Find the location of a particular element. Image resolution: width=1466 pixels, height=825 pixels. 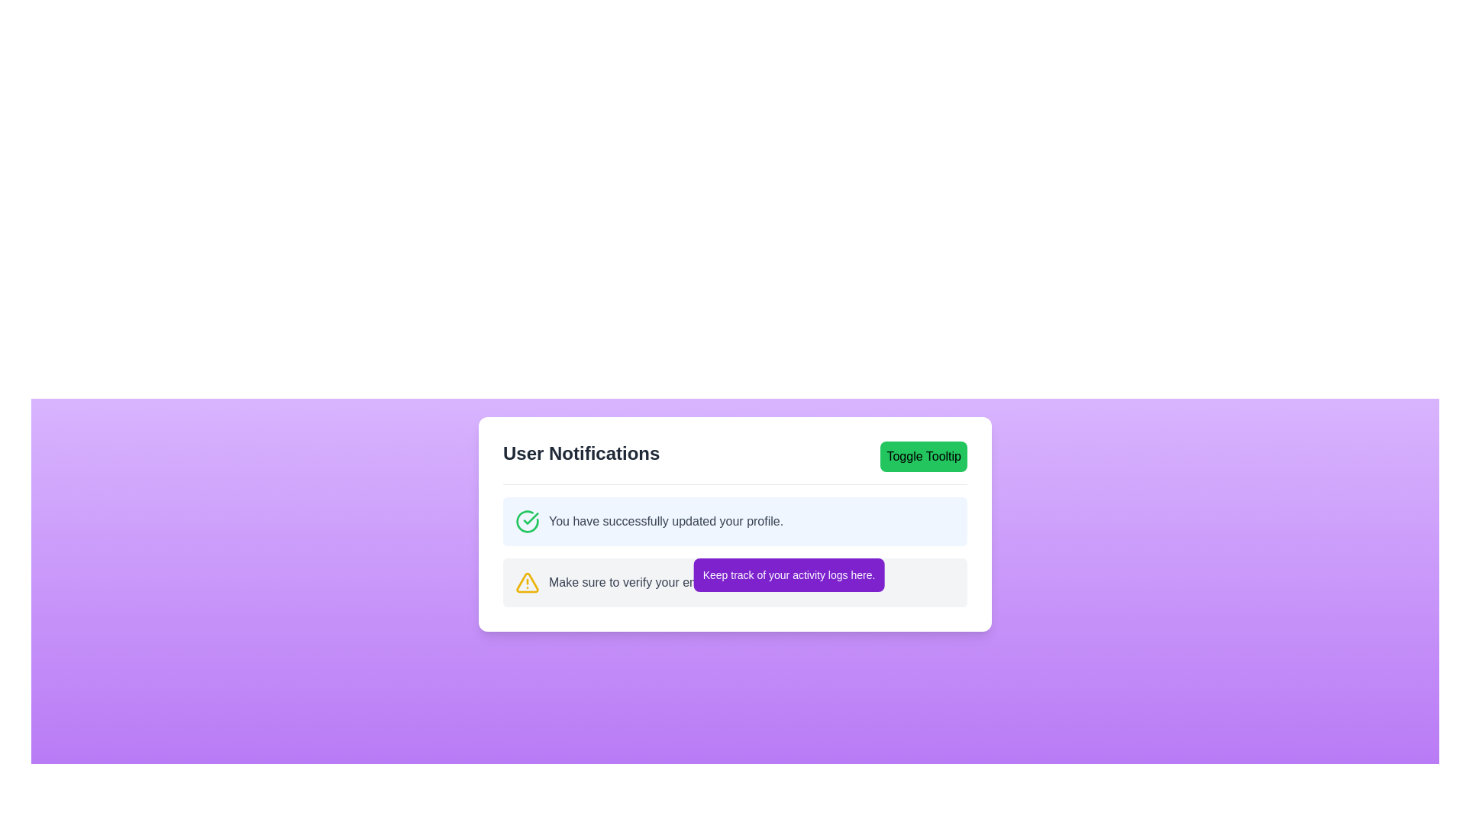

the success icon located in the 'User Notifications' section, which is positioned before the notification text 'You have successfully updated your profile.' is located at coordinates (528, 520).